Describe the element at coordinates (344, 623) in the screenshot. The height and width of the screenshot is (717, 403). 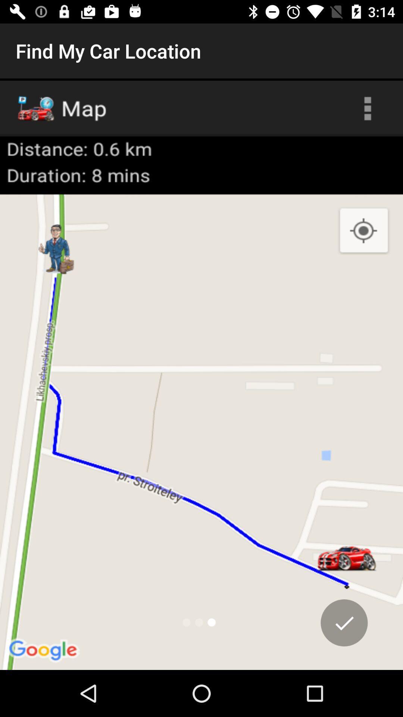
I see `option` at that location.